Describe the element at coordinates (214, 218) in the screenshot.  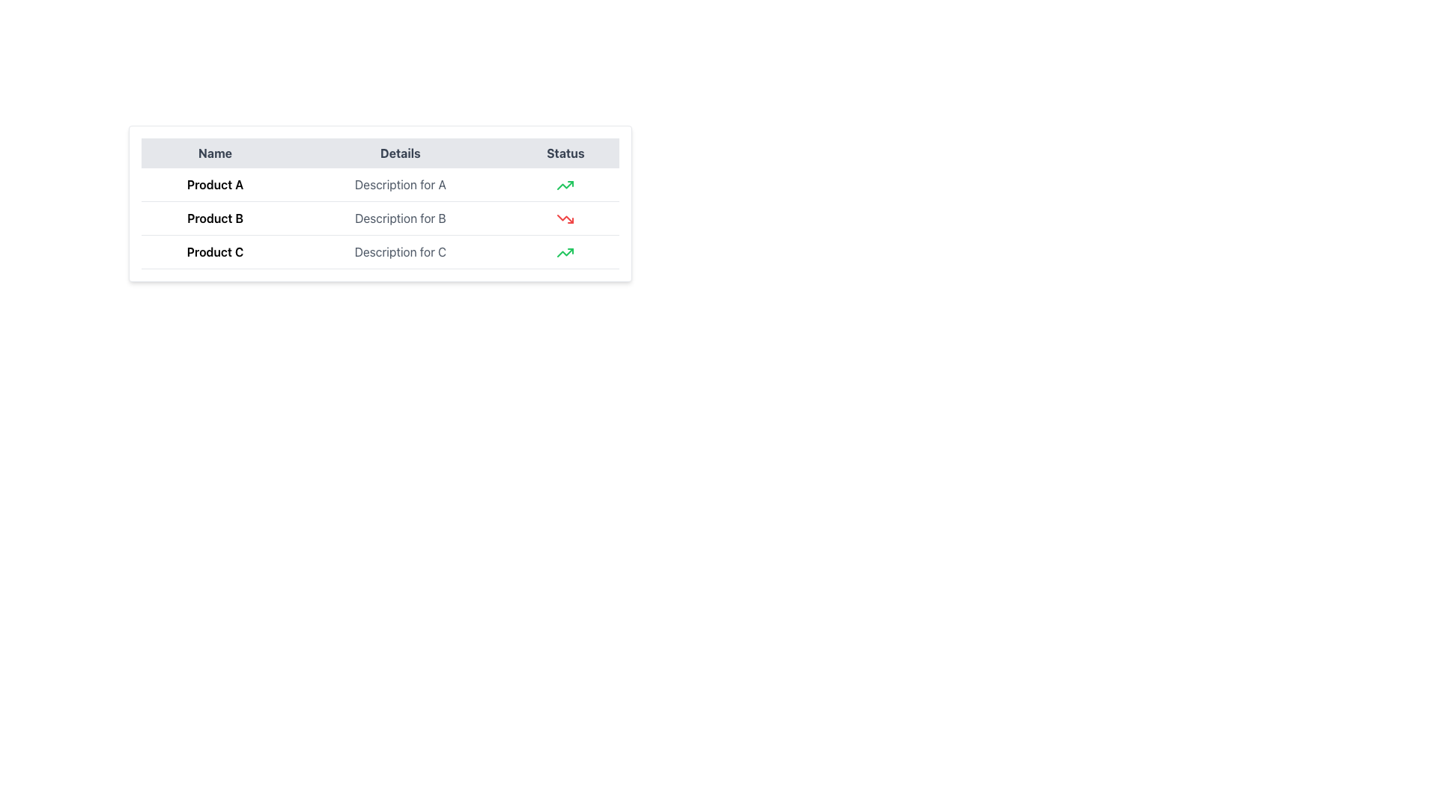
I see `the text label identifying 'Product B' in the second row of the table under the 'Name' column` at that location.